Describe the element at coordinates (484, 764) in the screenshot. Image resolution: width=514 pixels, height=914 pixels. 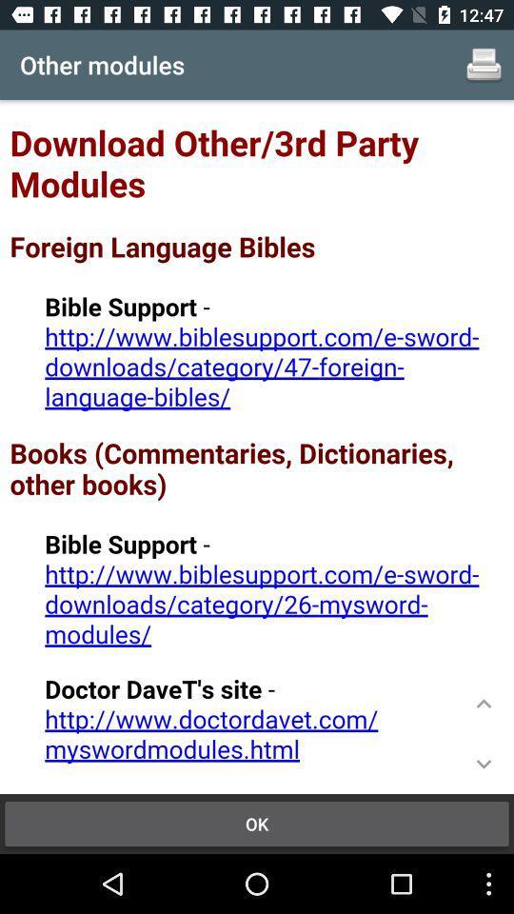
I see `the expand_more icon` at that location.